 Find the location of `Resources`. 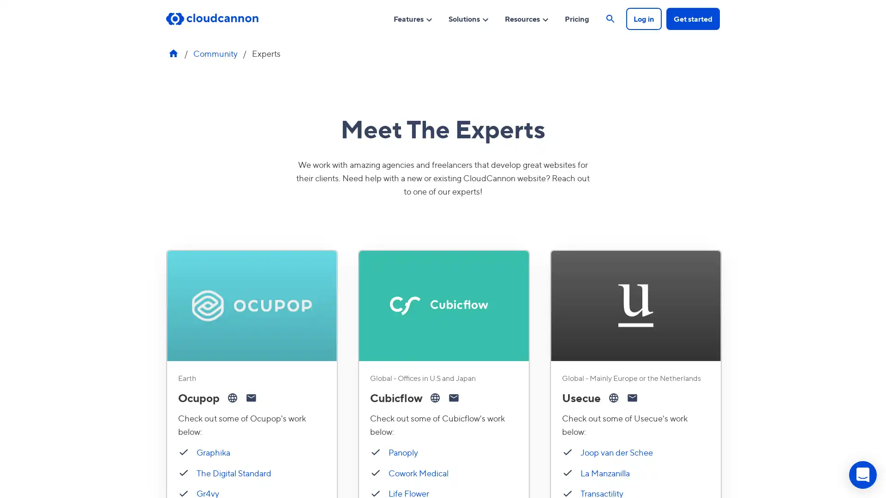

Resources is located at coordinates (527, 18).